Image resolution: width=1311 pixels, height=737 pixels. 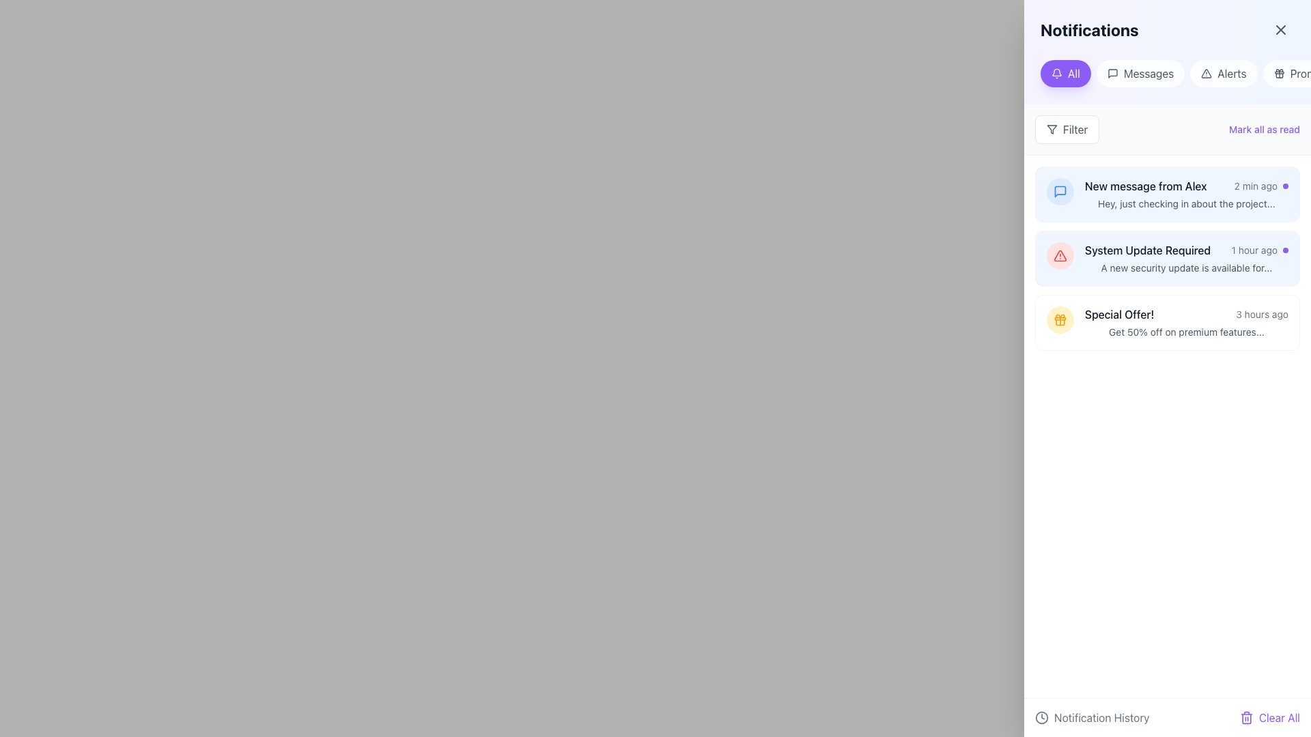 I want to click on the text label reading 'Get 50% off on premium features...' located below the title 'Special Offer!' in the third notification block on the right-hand side notification panel, so click(x=1185, y=332).